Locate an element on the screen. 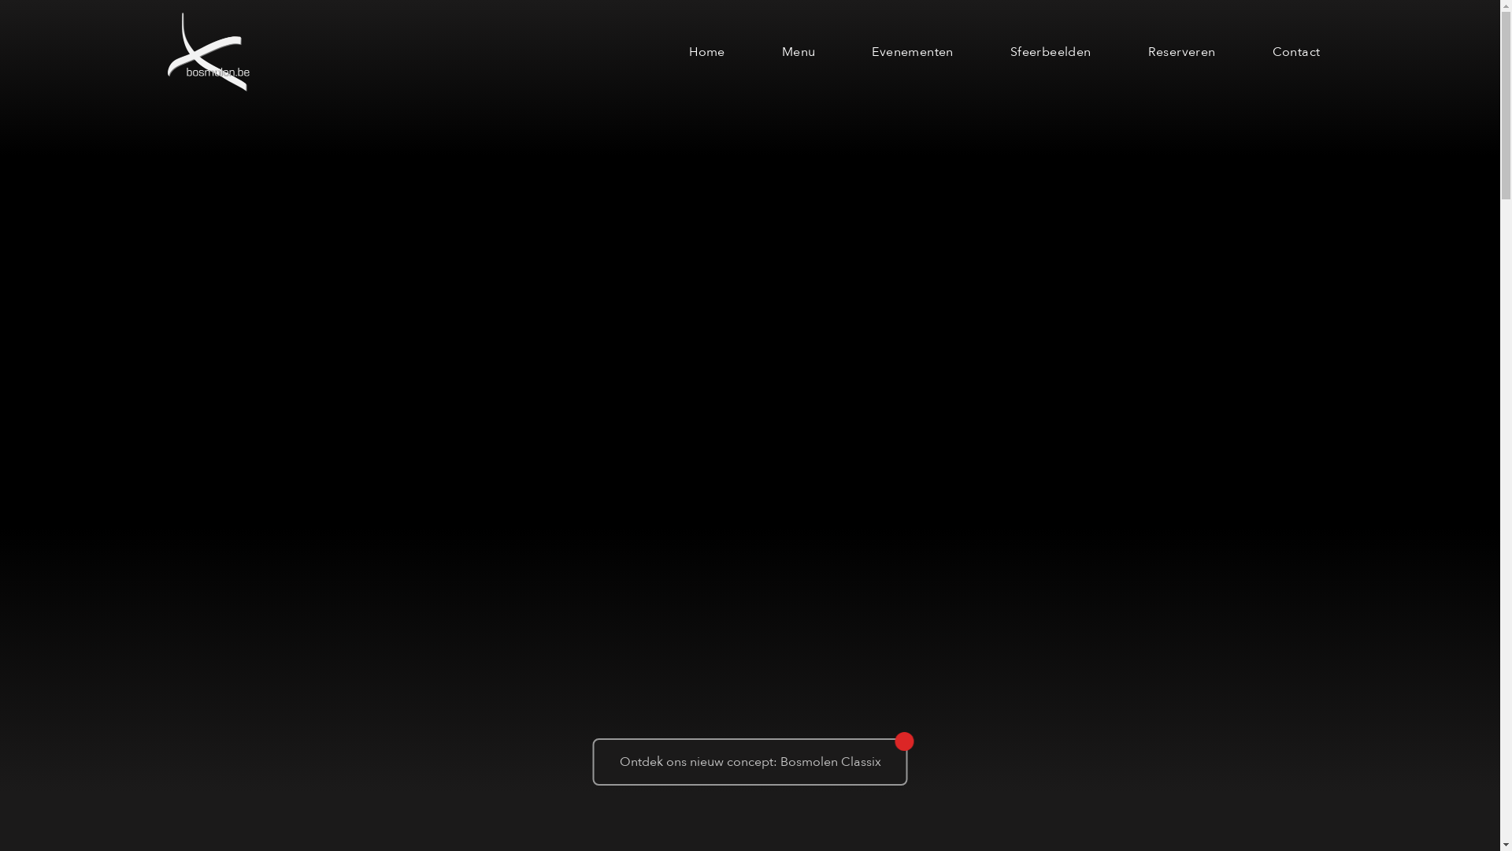 The width and height of the screenshot is (1512, 851). 'Ontdek ons nieuw concept: Bosmolen Classix' is located at coordinates (748, 761).